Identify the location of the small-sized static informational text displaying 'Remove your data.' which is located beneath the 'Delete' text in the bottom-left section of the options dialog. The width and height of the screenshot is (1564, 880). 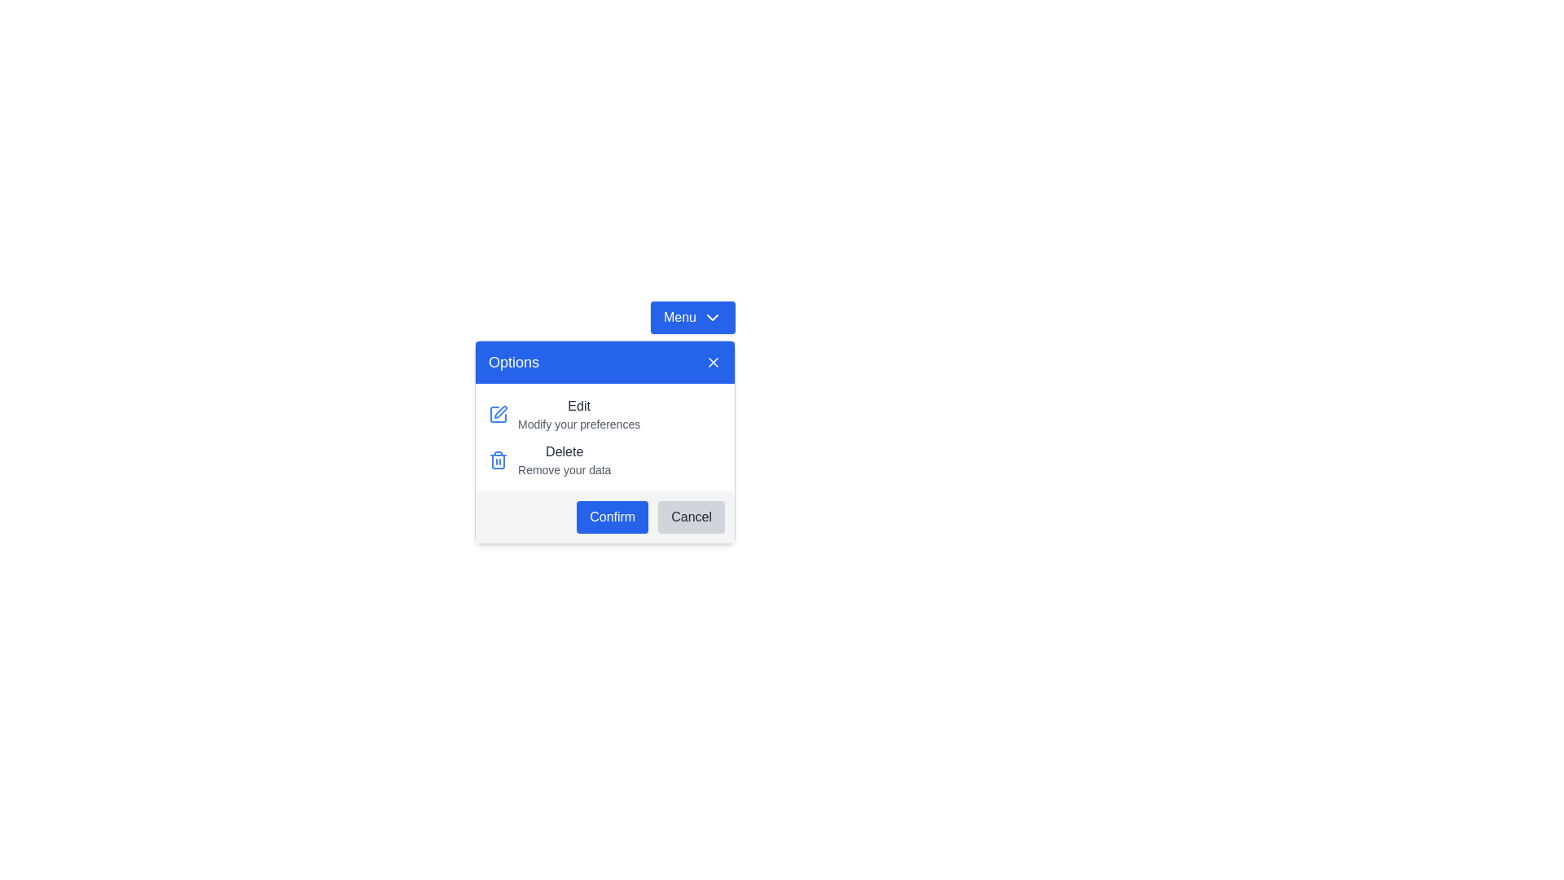
(565, 470).